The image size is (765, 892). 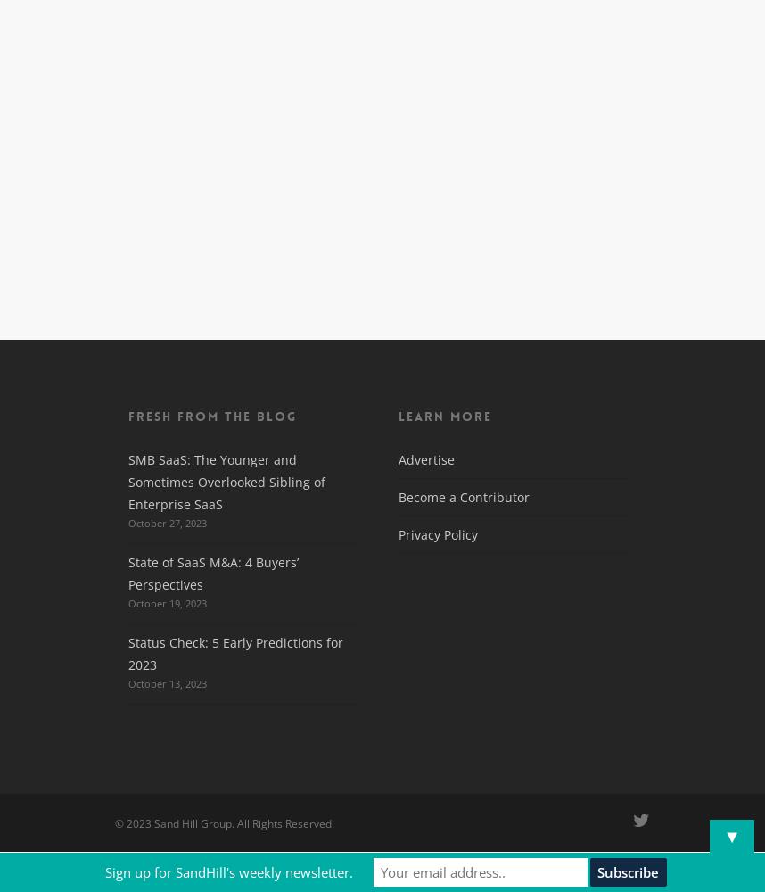 I want to click on 'State of SaaS M&A: 4 Buyers’ Perspectives', so click(x=212, y=574).